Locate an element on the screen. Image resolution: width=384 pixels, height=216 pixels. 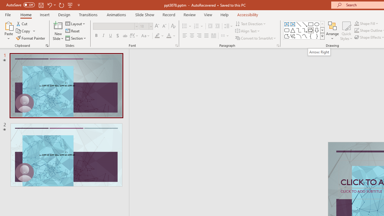
'Reset' is located at coordinates (73, 31).